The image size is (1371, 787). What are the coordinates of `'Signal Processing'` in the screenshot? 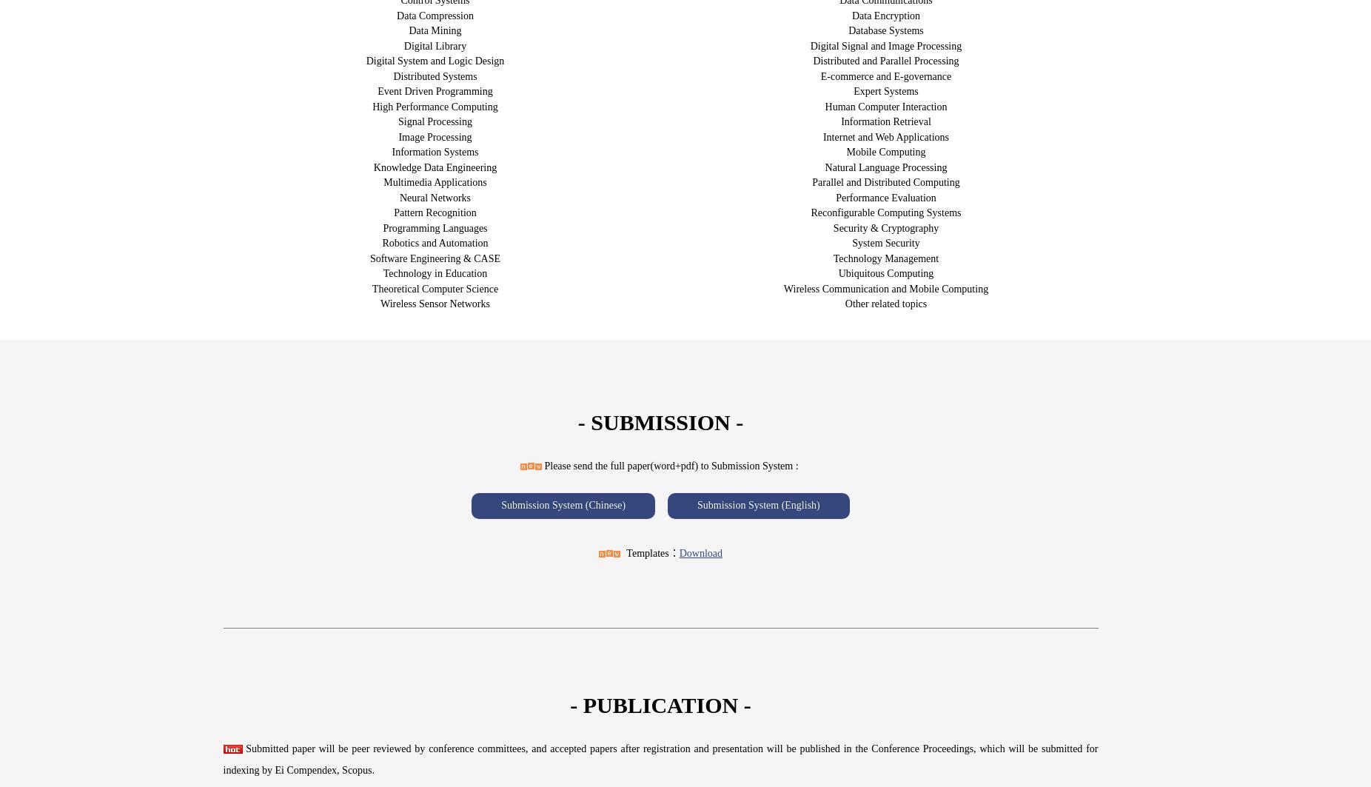 It's located at (434, 121).